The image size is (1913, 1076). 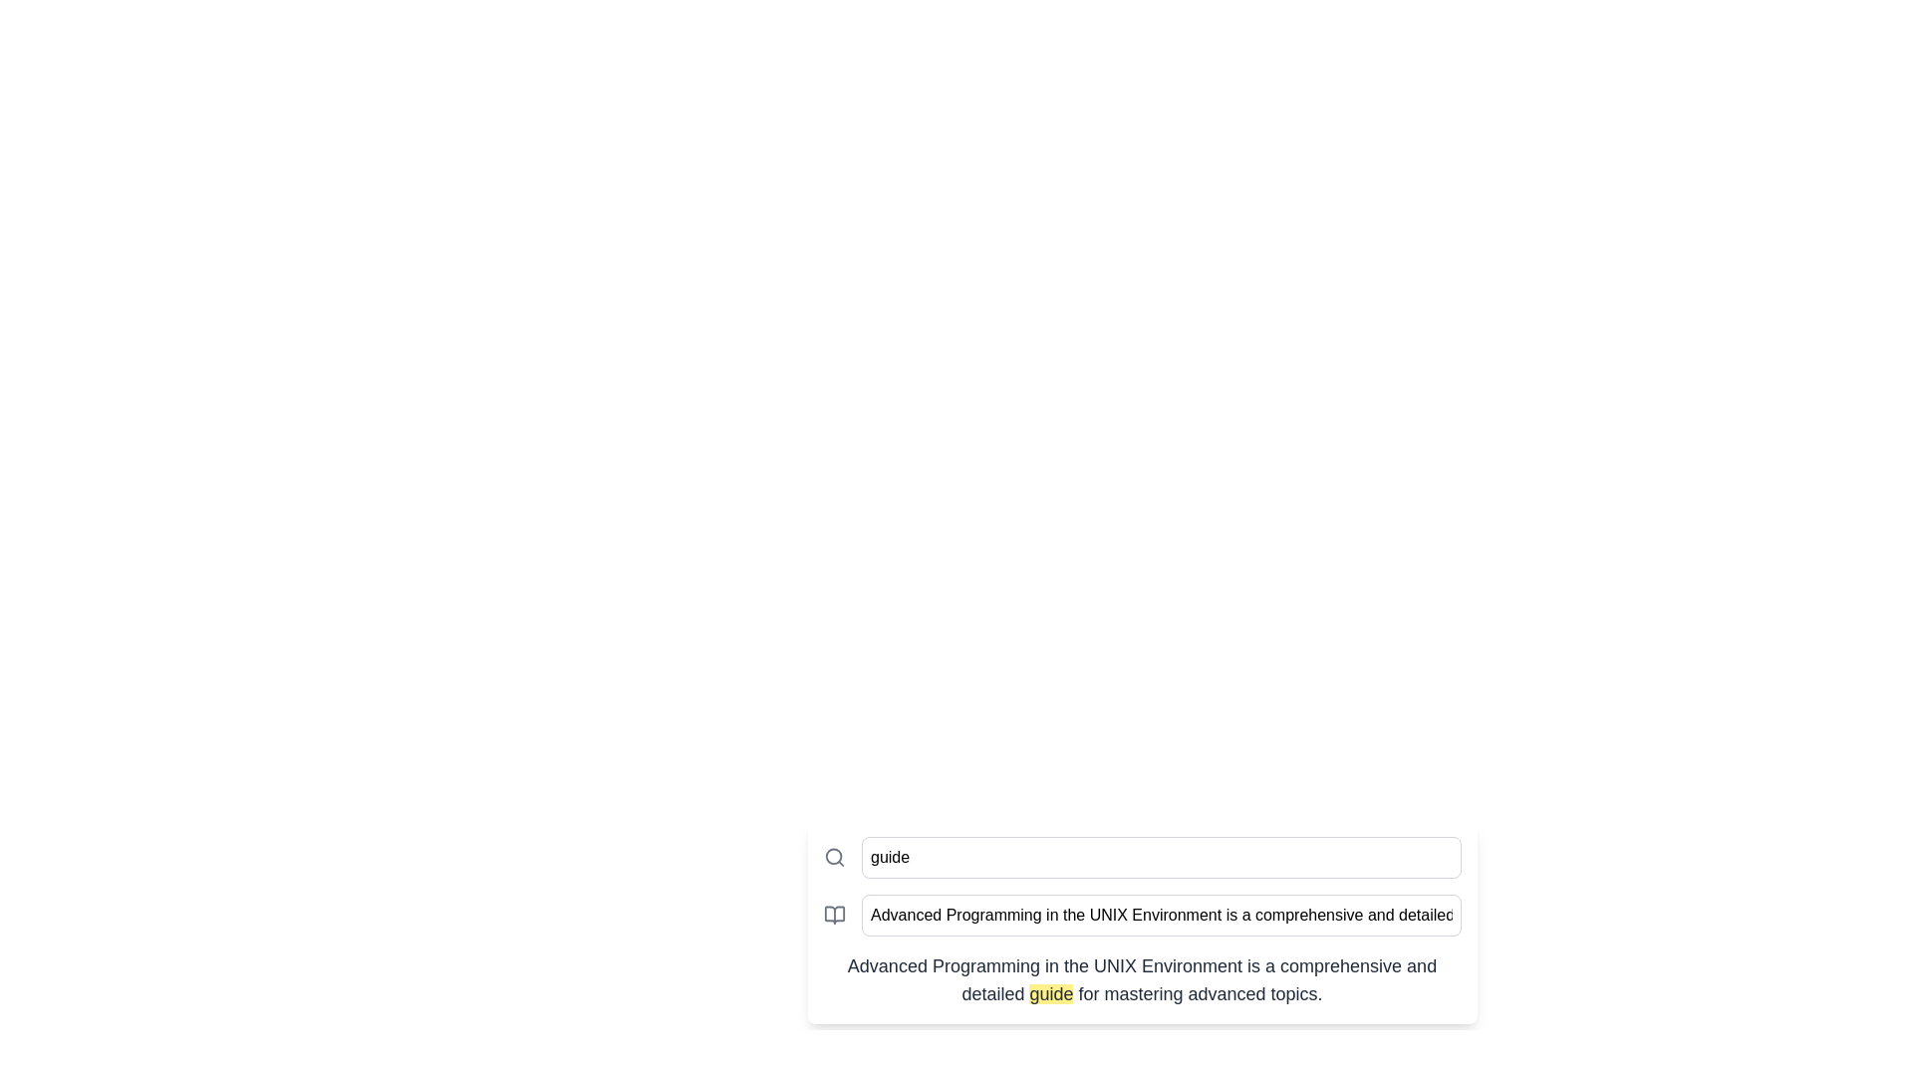 I want to click on the circular part of the magnifying glass icon used for search, located near the top-left corner of the user interface, so click(x=833, y=856).